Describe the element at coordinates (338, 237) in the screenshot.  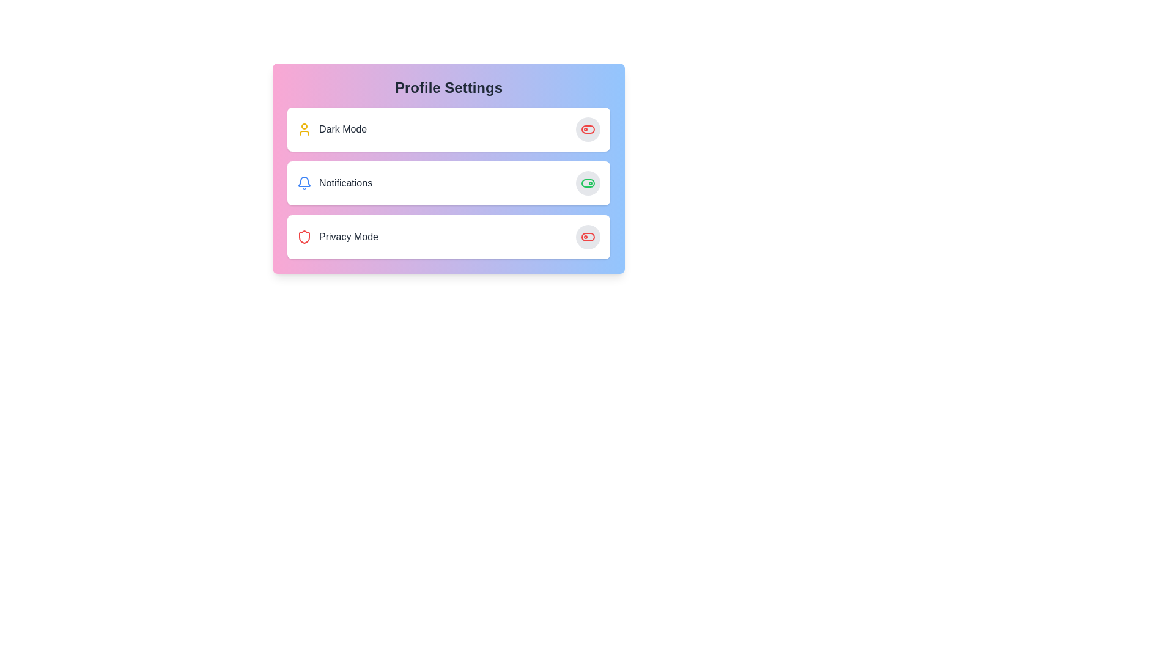
I see `the 'Privacy Mode' text label paired with an icon in the third row of the 'Profile Settings' options to interact with the setting` at that location.